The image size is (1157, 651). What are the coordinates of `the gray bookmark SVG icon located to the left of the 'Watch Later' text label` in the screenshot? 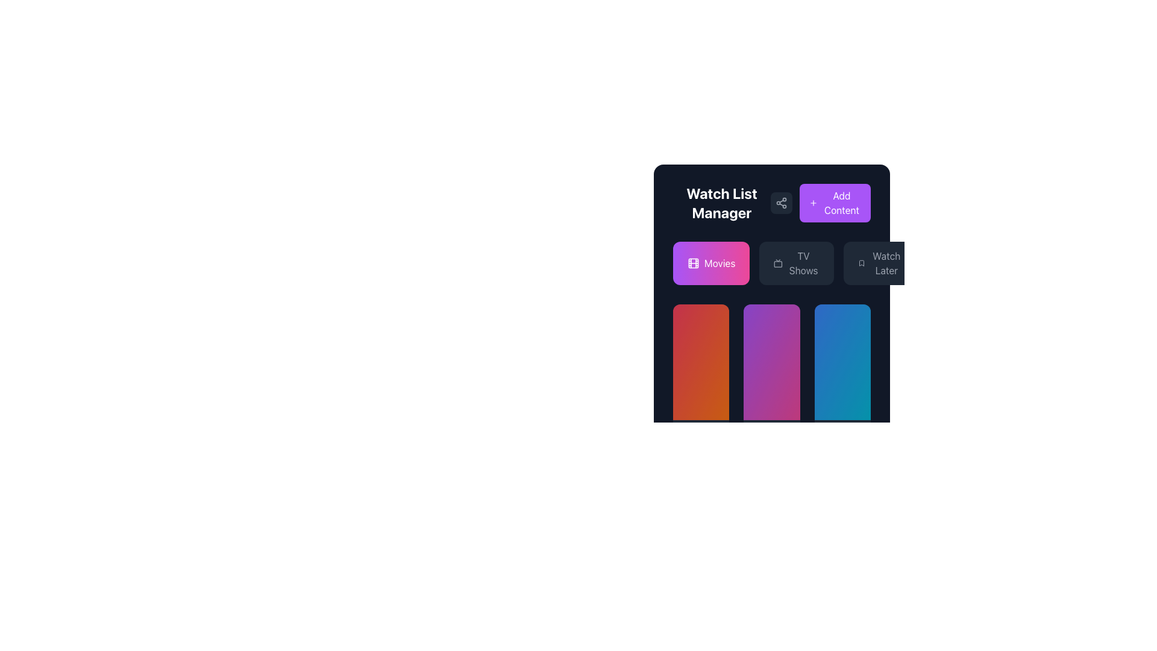 It's located at (861, 262).